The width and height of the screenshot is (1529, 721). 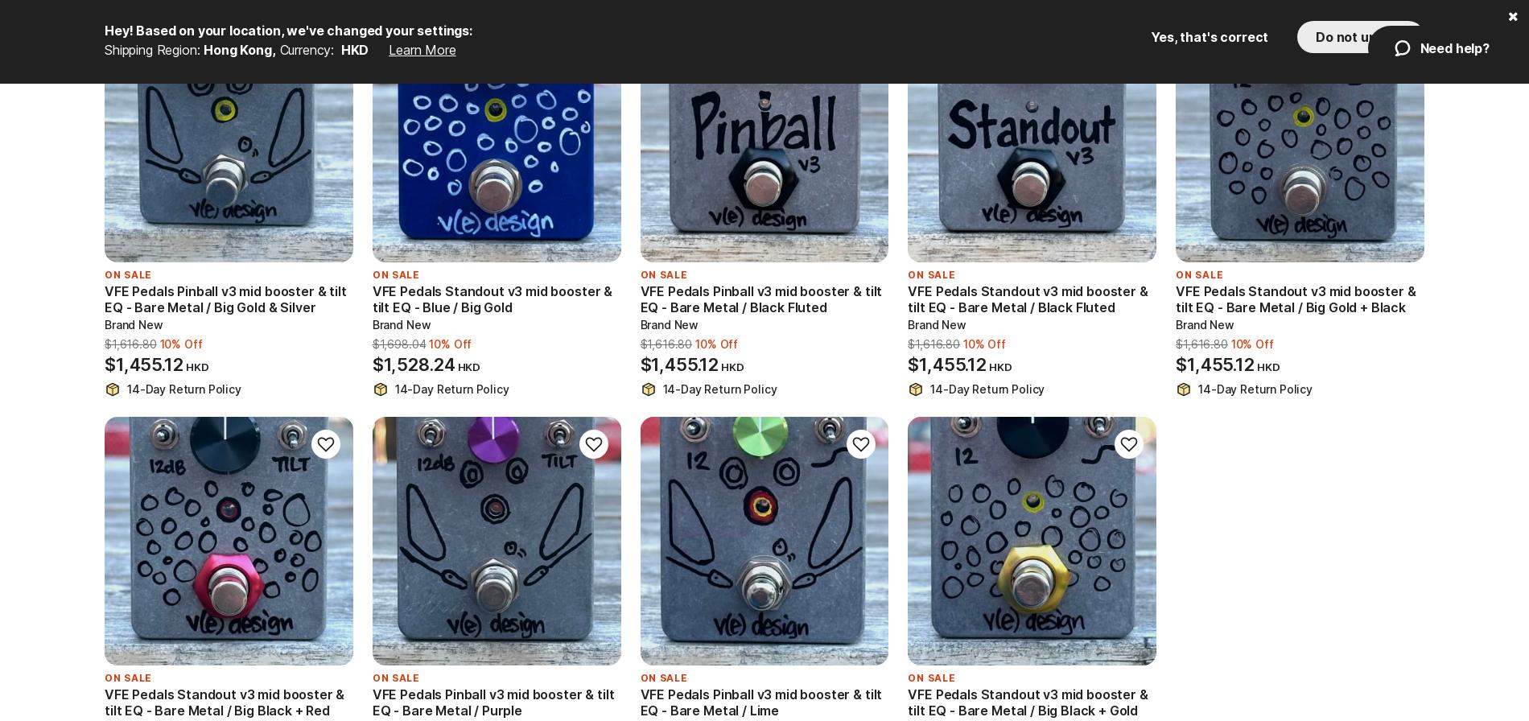 What do you see at coordinates (238, 50) in the screenshot?
I see `'Hong Kong,'` at bounding box center [238, 50].